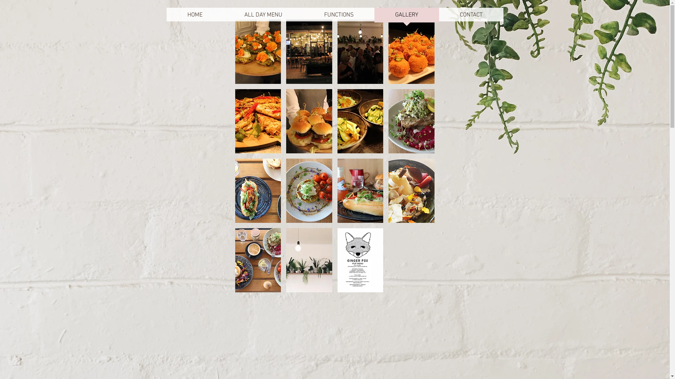 The height and width of the screenshot is (379, 675). What do you see at coordinates (339, 17) in the screenshot?
I see `'FUNCTIONS'` at bounding box center [339, 17].